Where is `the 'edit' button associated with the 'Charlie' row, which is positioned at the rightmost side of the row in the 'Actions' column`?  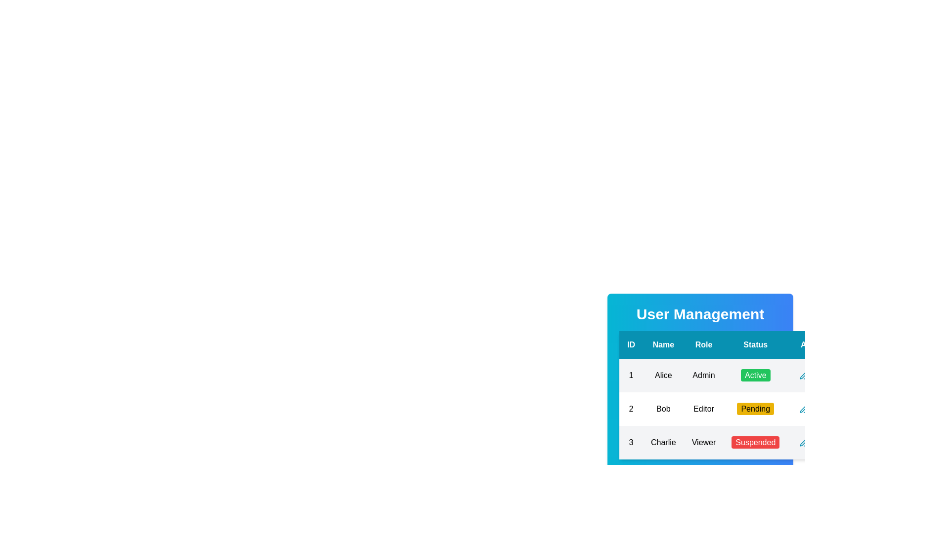 the 'edit' button associated with the 'Charlie' row, which is positioned at the rightmost side of the row in the 'Actions' column is located at coordinates (804, 442).